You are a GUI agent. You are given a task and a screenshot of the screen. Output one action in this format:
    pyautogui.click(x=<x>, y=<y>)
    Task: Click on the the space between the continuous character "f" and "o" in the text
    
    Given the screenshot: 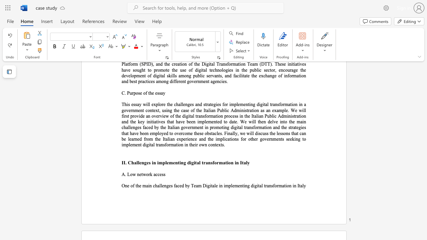 What is the action you would take?
    pyautogui.click(x=214, y=163)
    